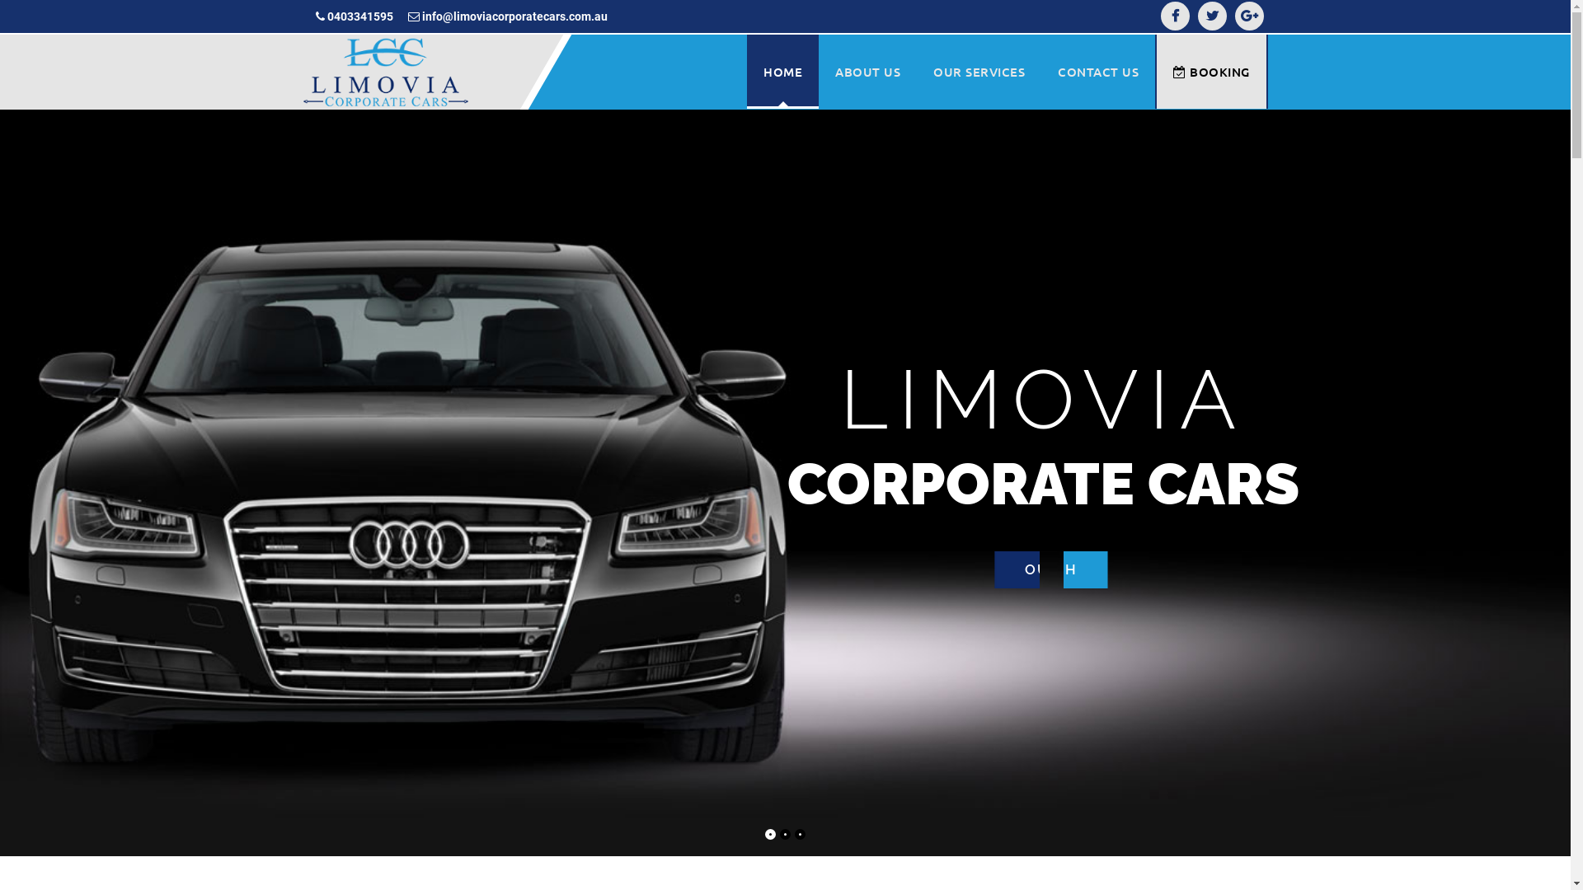 The height and width of the screenshot is (890, 1583). What do you see at coordinates (1211, 16) in the screenshot?
I see `'Twitter'` at bounding box center [1211, 16].